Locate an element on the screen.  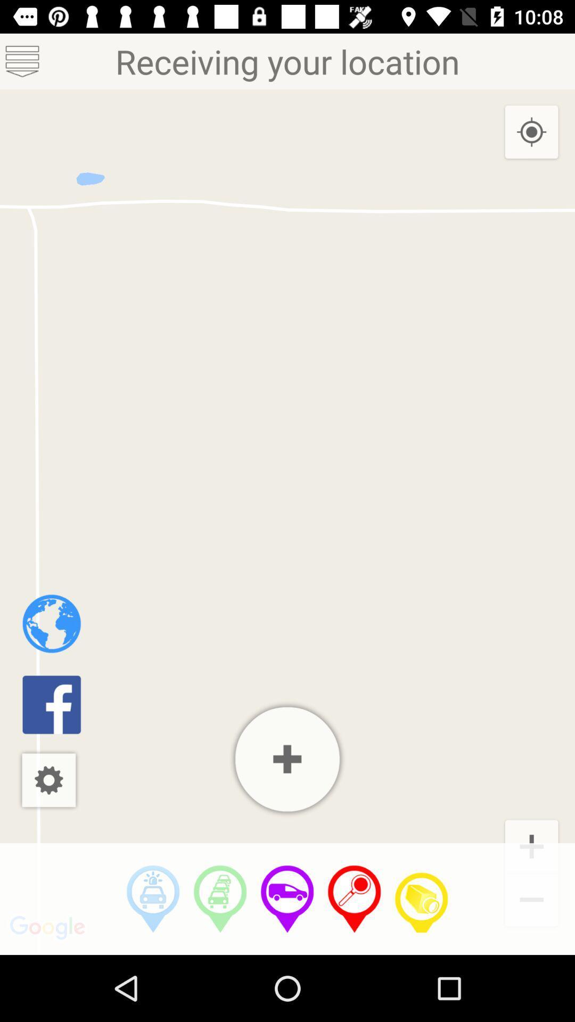
click zoom in option is located at coordinates (287, 759).